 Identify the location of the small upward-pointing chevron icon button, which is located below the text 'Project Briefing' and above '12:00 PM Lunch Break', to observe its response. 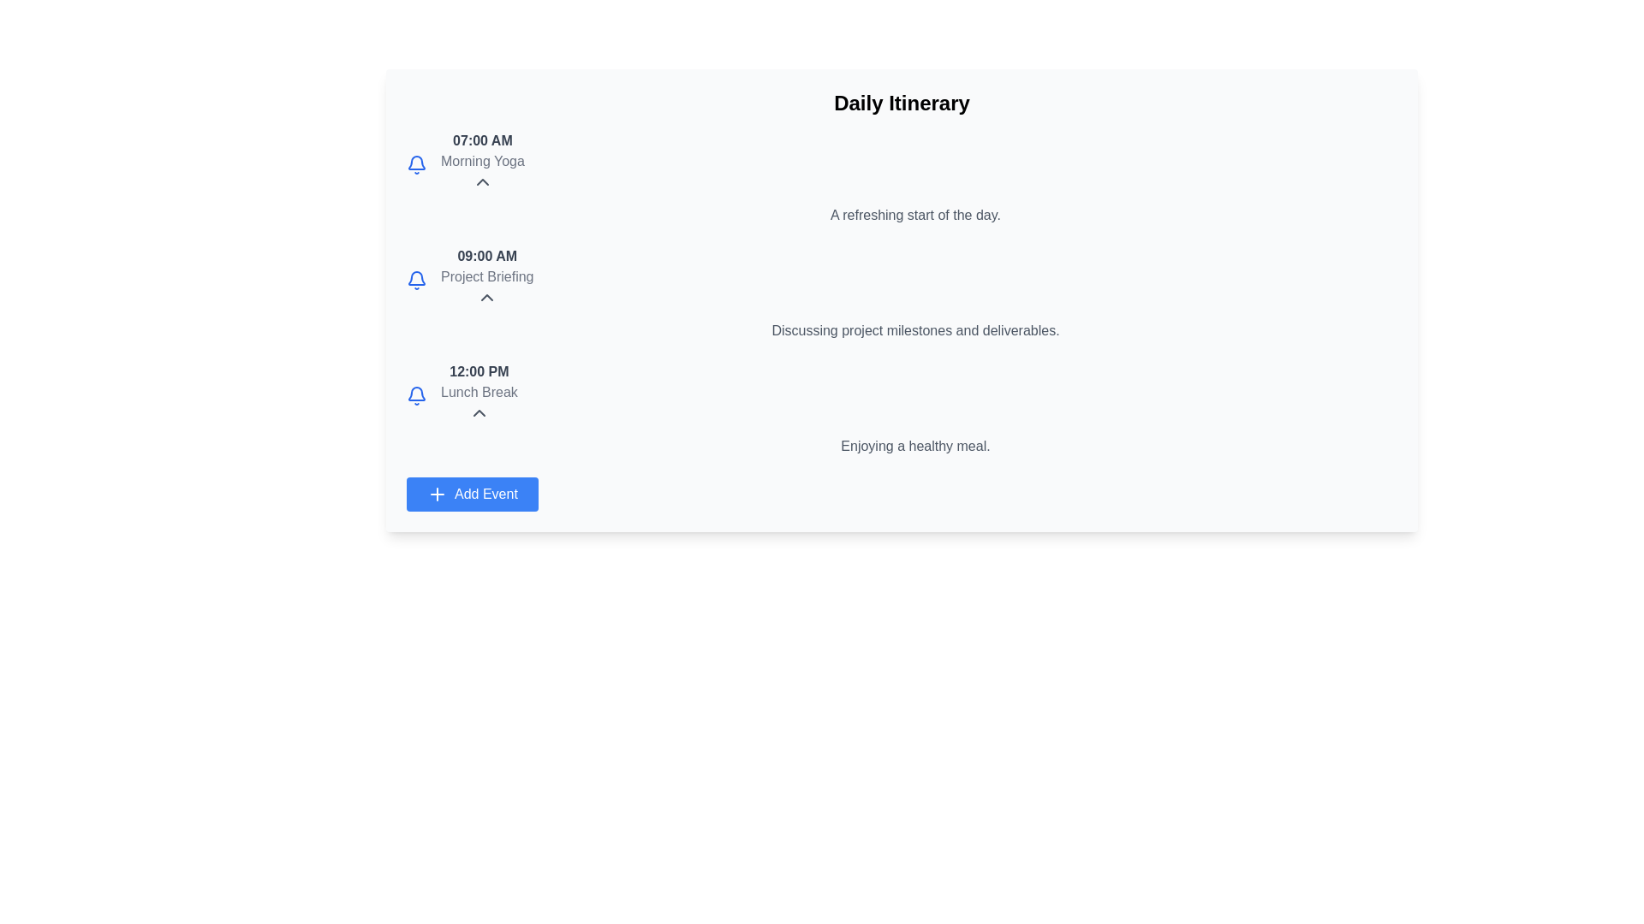
(486, 296).